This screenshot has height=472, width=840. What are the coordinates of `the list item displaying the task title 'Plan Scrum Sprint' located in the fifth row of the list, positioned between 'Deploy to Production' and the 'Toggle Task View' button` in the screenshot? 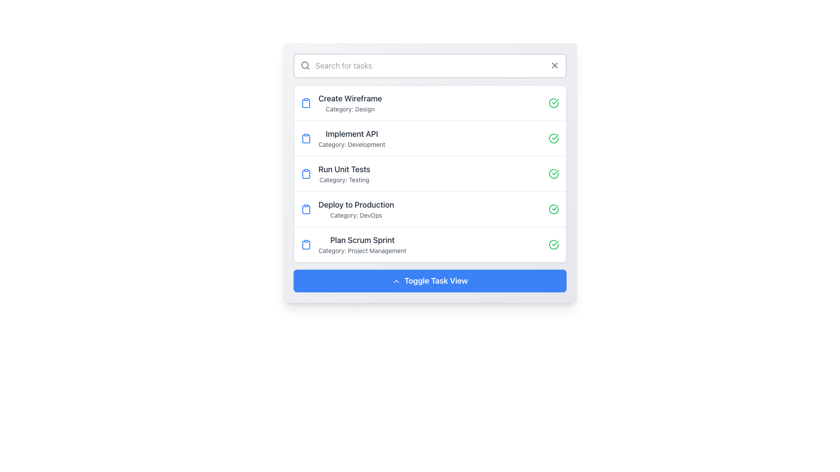 It's located at (362, 244).